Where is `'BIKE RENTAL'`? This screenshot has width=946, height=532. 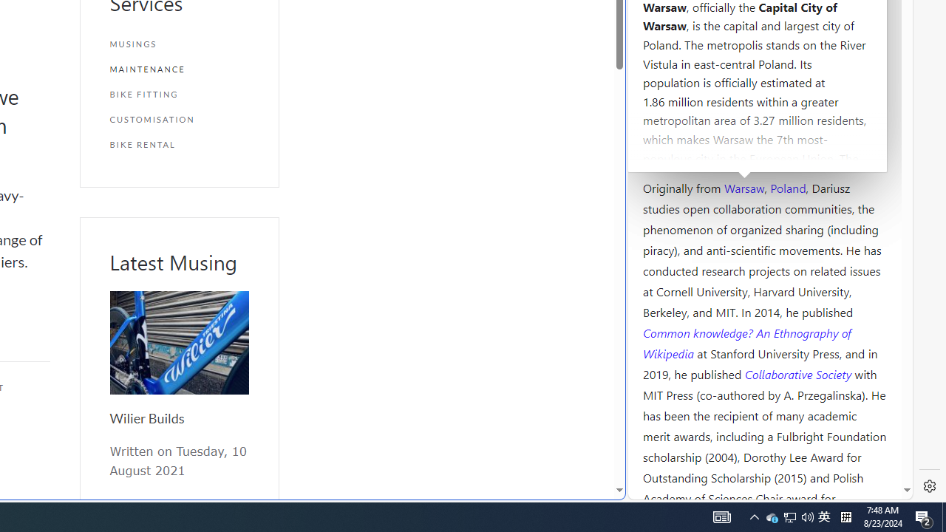
'BIKE RENTAL' is located at coordinates (178, 144).